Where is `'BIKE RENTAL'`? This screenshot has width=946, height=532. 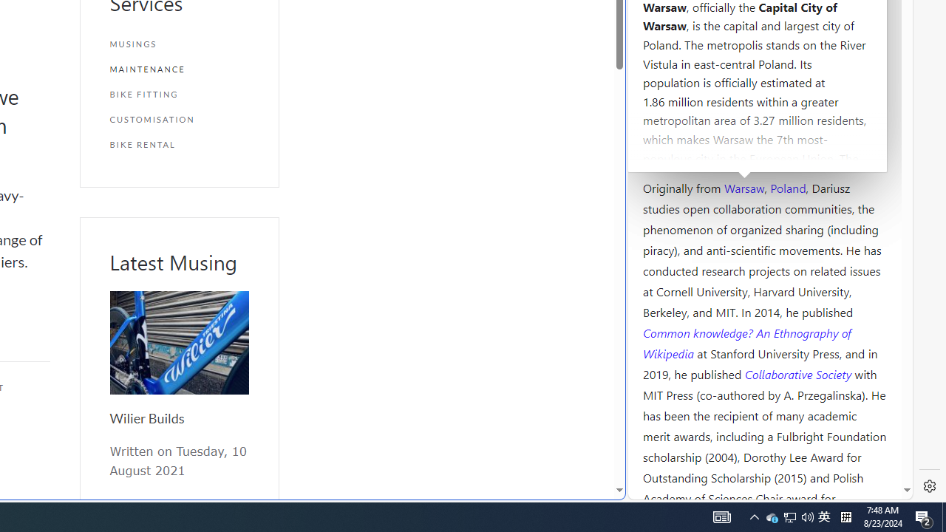
'BIKE RENTAL' is located at coordinates (178, 144).